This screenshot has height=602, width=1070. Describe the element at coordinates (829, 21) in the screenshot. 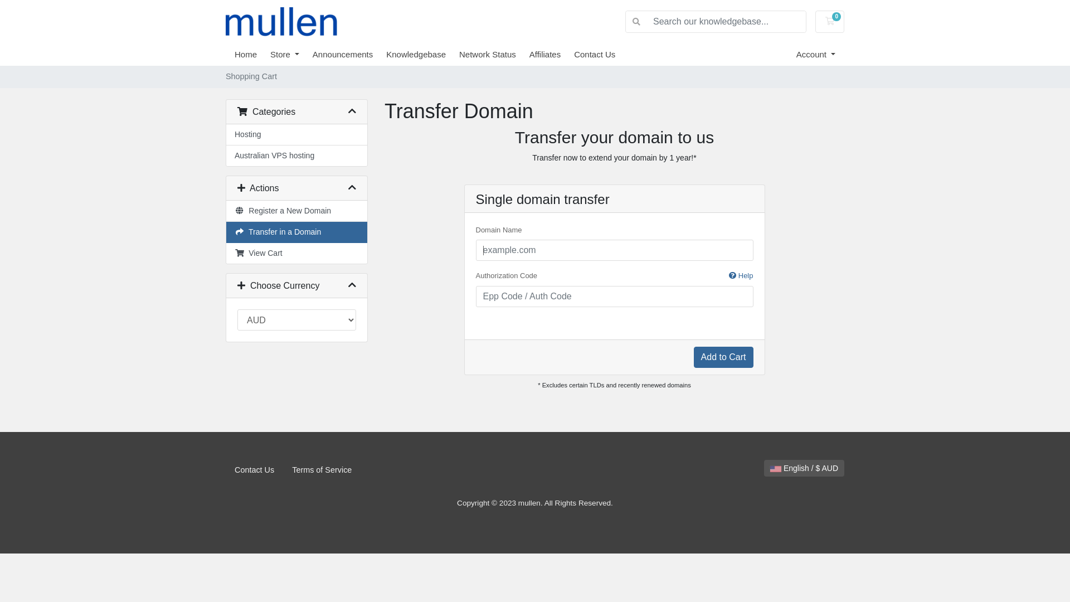

I see `'0` at that location.